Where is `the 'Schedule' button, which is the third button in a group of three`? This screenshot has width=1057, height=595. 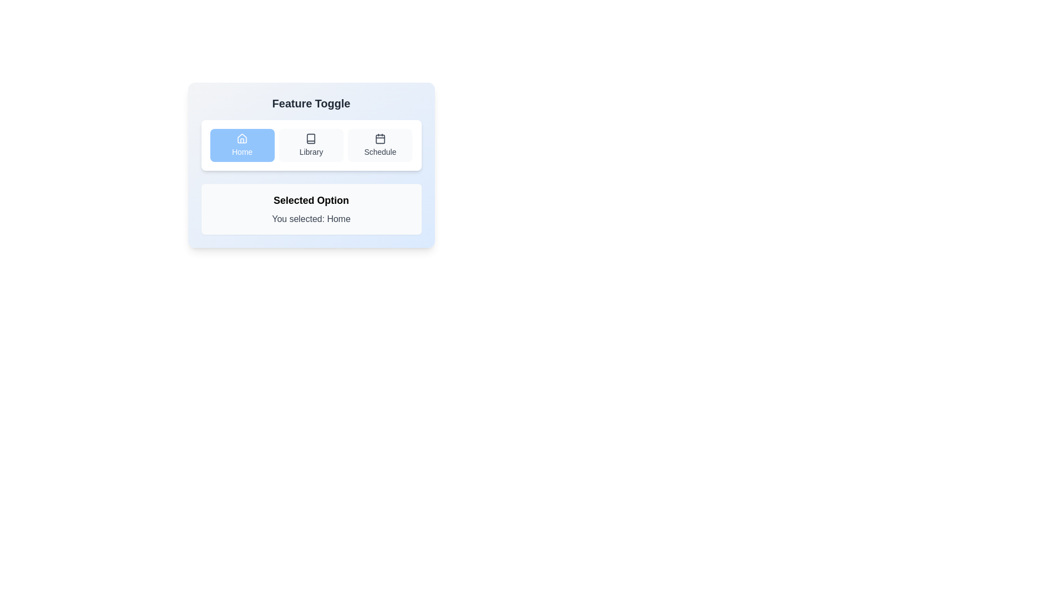 the 'Schedule' button, which is the third button in a group of three is located at coordinates (380, 144).